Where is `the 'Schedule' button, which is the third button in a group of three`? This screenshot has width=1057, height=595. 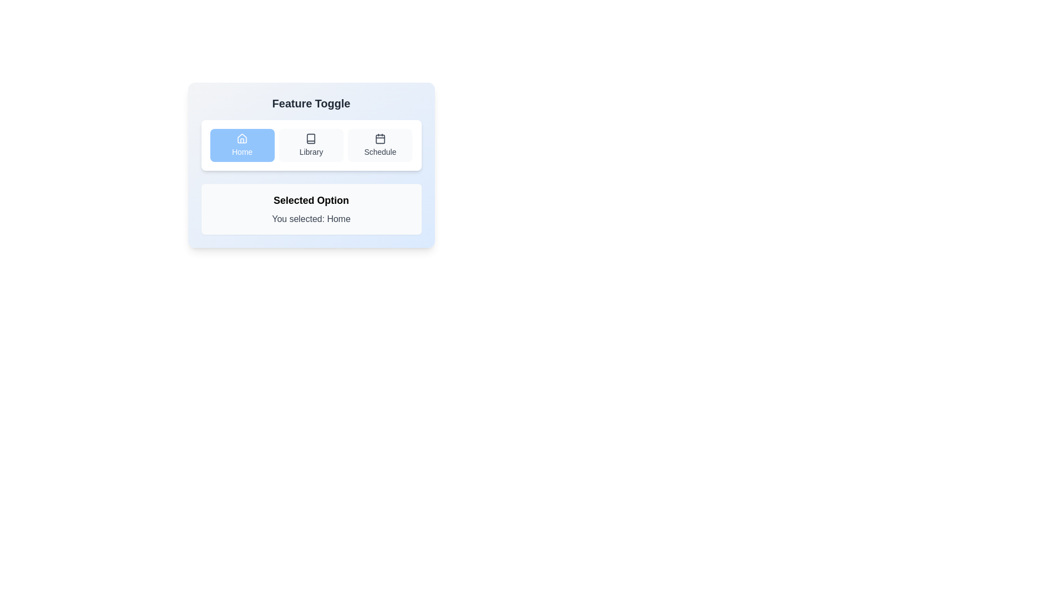 the 'Schedule' button, which is the third button in a group of three is located at coordinates (380, 144).